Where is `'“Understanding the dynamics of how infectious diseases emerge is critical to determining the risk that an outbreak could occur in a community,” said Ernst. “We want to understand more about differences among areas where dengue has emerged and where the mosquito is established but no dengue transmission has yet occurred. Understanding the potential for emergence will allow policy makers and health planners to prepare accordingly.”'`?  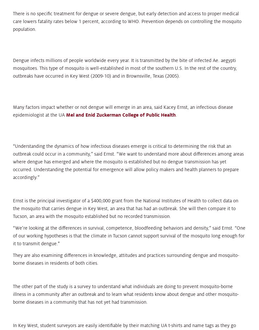
'“Understanding the dynamics of how infectious diseases emerge is critical to determining the risk that an outbreak could occur in a community,” said Ernst. “We want to understand more about differences among areas where dengue has emerged and where the mosquito is established but no dengue transmission has yet occurred. Understanding the potential for emergence will allow policy makers and health planners to prepare accordingly.”' is located at coordinates (128, 161).